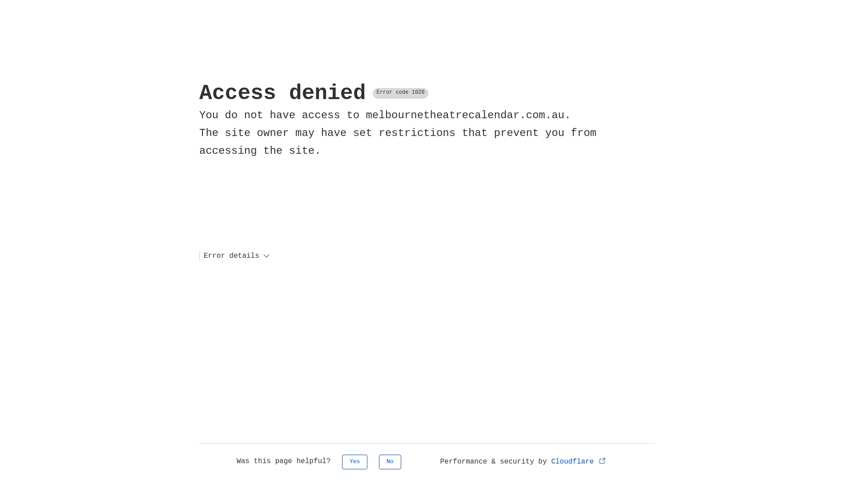 The width and height of the screenshot is (854, 480). I want to click on 'No', so click(390, 461).